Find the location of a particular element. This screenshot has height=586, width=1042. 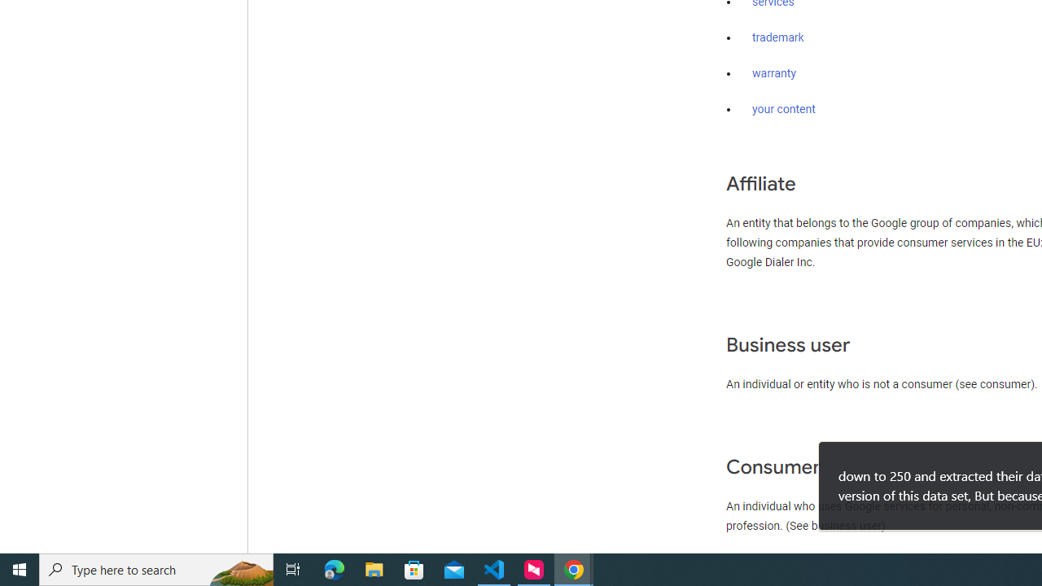

'your content' is located at coordinates (784, 110).